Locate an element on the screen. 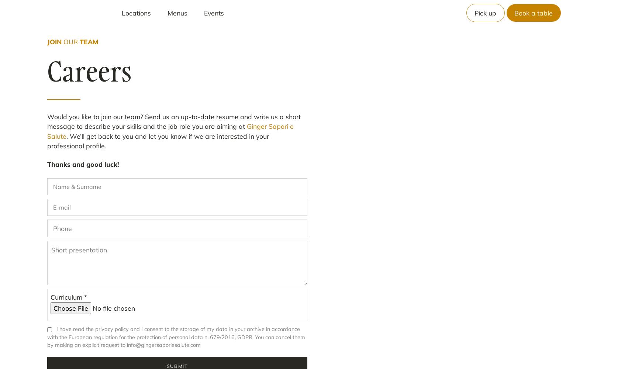  'Thanks and good luck!' is located at coordinates (83, 164).